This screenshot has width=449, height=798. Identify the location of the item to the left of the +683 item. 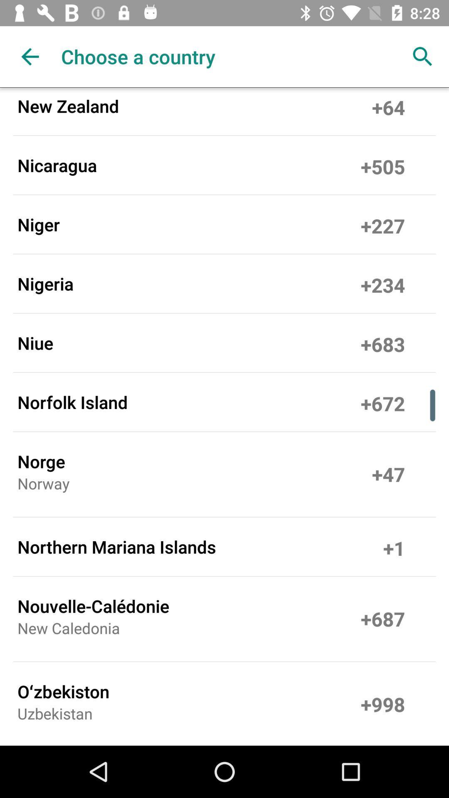
(35, 343).